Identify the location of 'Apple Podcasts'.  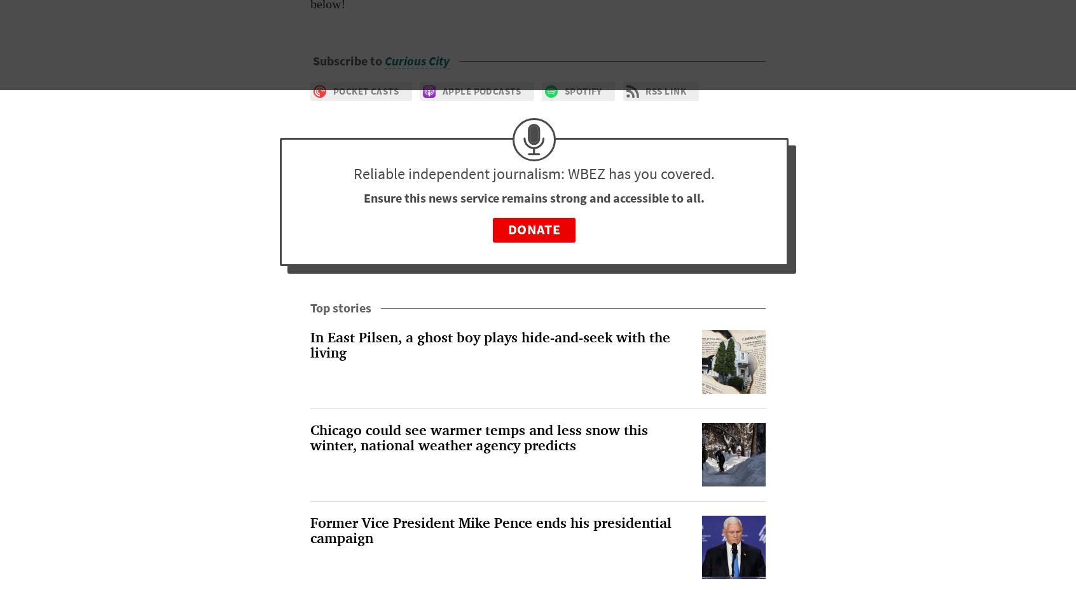
(442, 90).